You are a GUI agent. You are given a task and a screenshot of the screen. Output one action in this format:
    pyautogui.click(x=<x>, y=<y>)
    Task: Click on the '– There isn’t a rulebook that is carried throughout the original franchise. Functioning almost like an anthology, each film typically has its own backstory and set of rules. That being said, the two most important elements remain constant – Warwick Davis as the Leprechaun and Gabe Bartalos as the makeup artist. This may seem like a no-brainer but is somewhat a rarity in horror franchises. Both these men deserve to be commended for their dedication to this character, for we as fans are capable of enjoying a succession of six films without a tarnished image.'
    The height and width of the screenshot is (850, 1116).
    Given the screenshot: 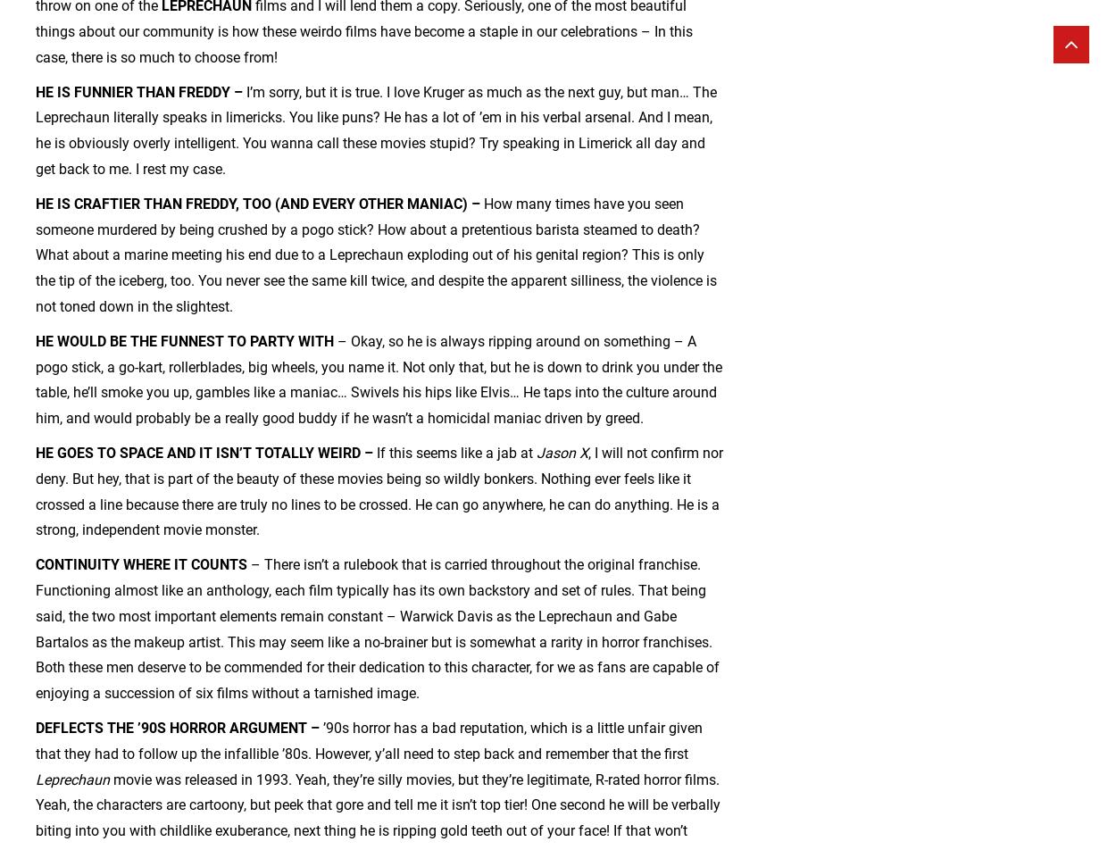 What is the action you would take?
    pyautogui.click(x=378, y=629)
    